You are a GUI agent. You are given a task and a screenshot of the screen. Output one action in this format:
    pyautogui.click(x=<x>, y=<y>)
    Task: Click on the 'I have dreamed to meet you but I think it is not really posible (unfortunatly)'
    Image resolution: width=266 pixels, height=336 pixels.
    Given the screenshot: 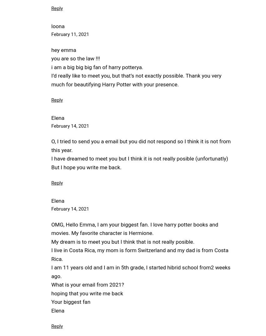 What is the action you would take?
    pyautogui.click(x=139, y=159)
    